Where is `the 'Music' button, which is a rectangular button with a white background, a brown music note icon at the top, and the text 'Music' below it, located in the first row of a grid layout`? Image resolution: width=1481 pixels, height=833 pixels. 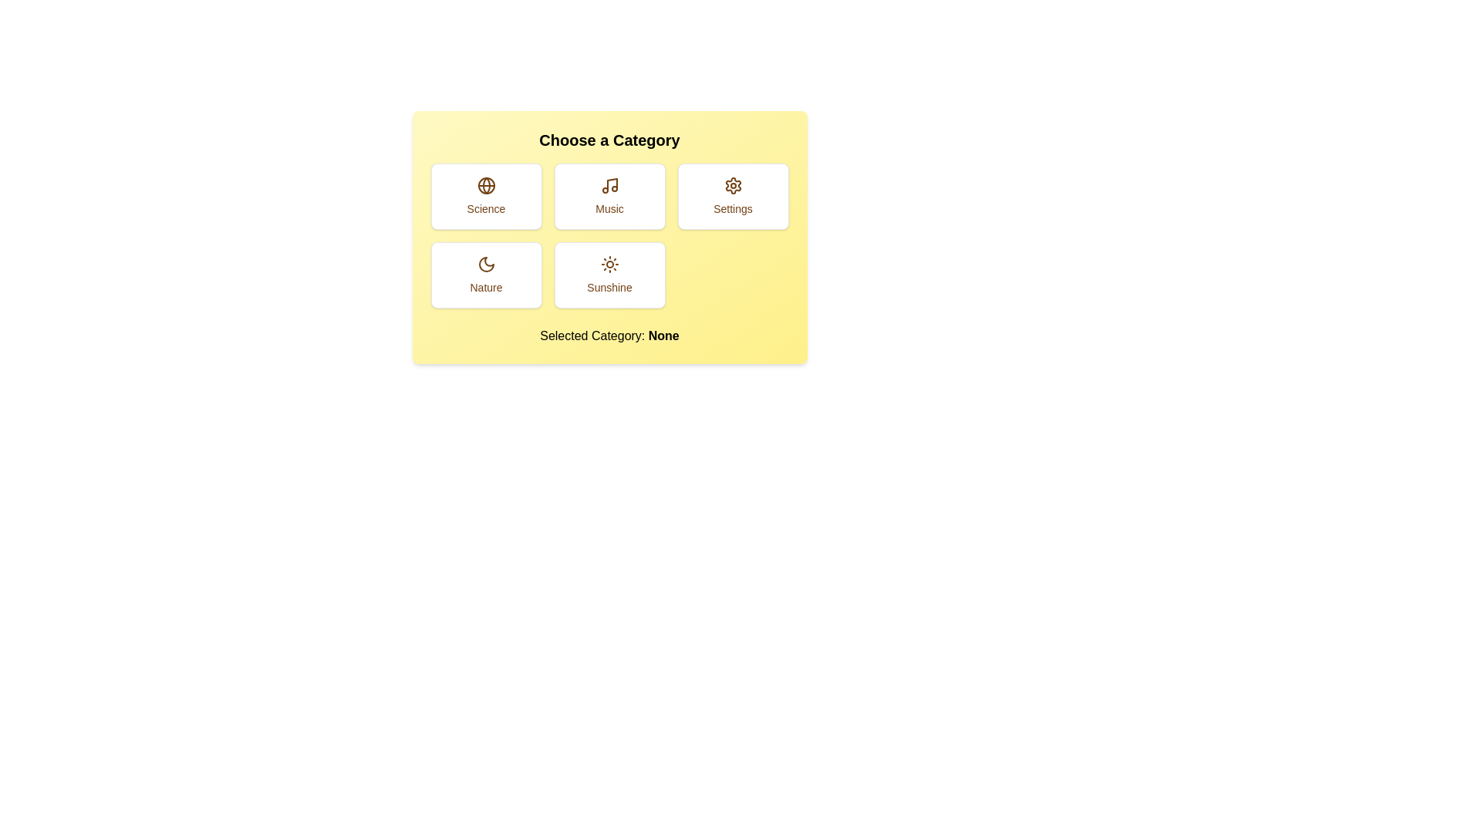
the 'Music' button, which is a rectangular button with a white background, a brown music note icon at the top, and the text 'Music' below it, located in the first row of a grid layout is located at coordinates (609, 195).